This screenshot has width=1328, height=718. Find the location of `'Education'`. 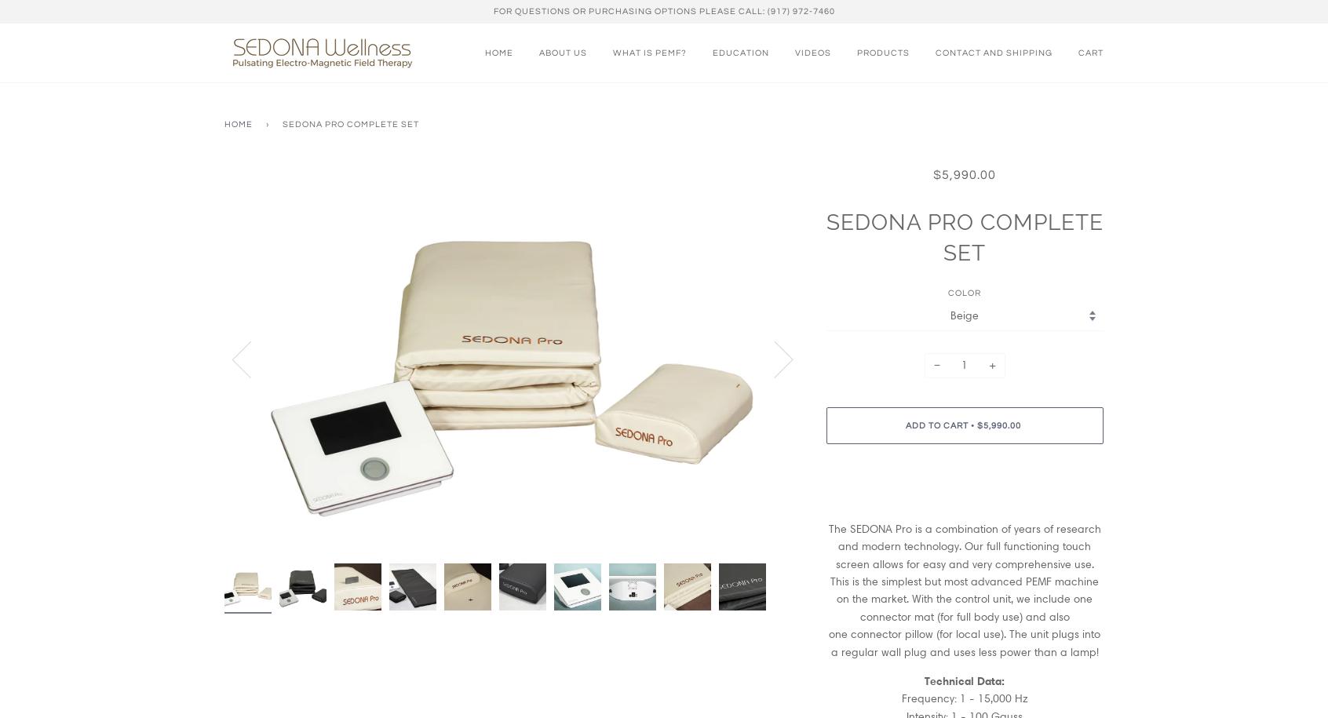

'Education' is located at coordinates (740, 51).